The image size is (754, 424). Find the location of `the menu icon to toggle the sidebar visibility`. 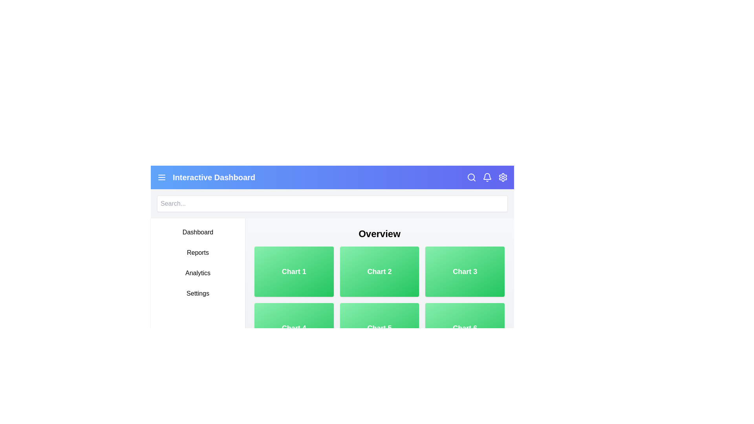

the menu icon to toggle the sidebar visibility is located at coordinates (161, 177).